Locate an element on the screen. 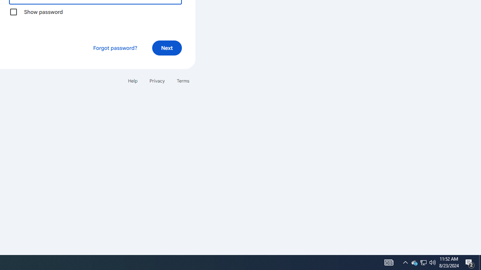 Image resolution: width=481 pixels, height=270 pixels. 'Privacy' is located at coordinates (156, 81).